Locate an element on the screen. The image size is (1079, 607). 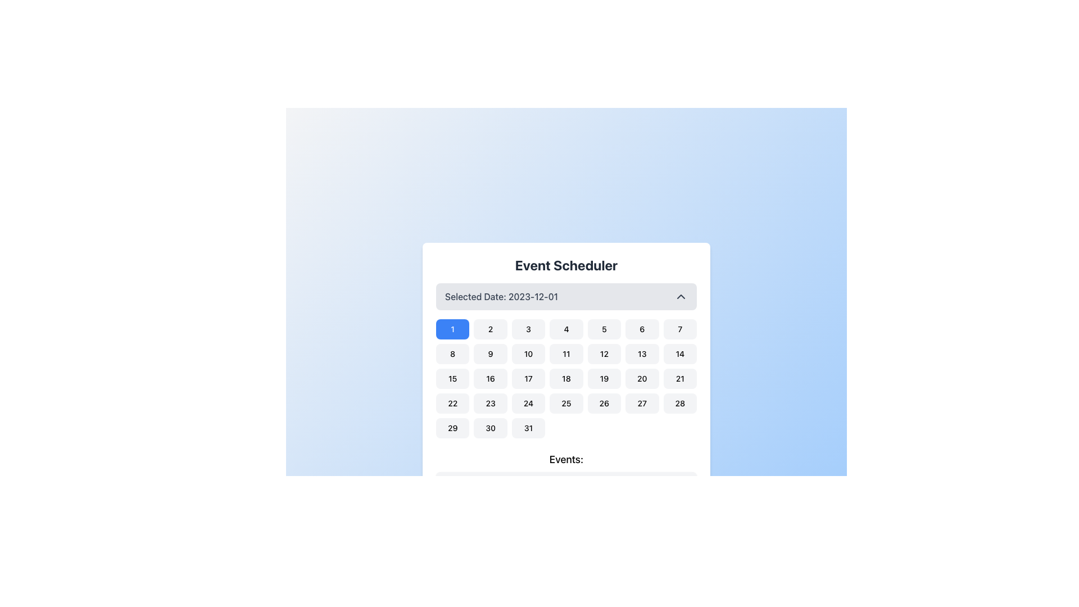
the date selection button for the 1st date in the calendar interface to trigger the tooltip or highlight effect is located at coordinates (452, 329).